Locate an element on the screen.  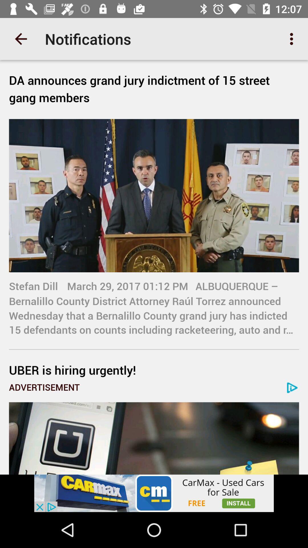
the item above advertisement is located at coordinates (154, 370).